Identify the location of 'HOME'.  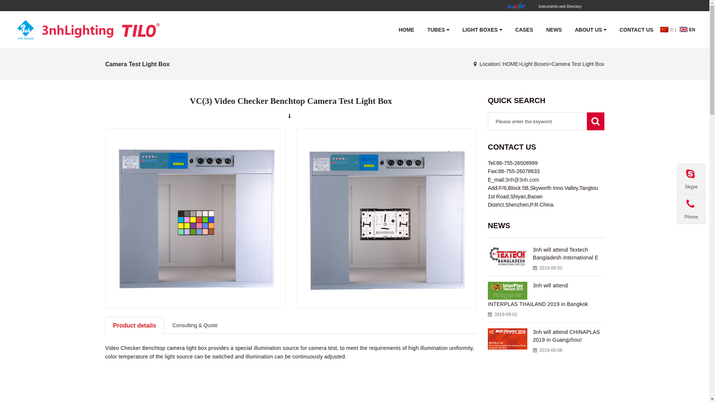
(510, 64).